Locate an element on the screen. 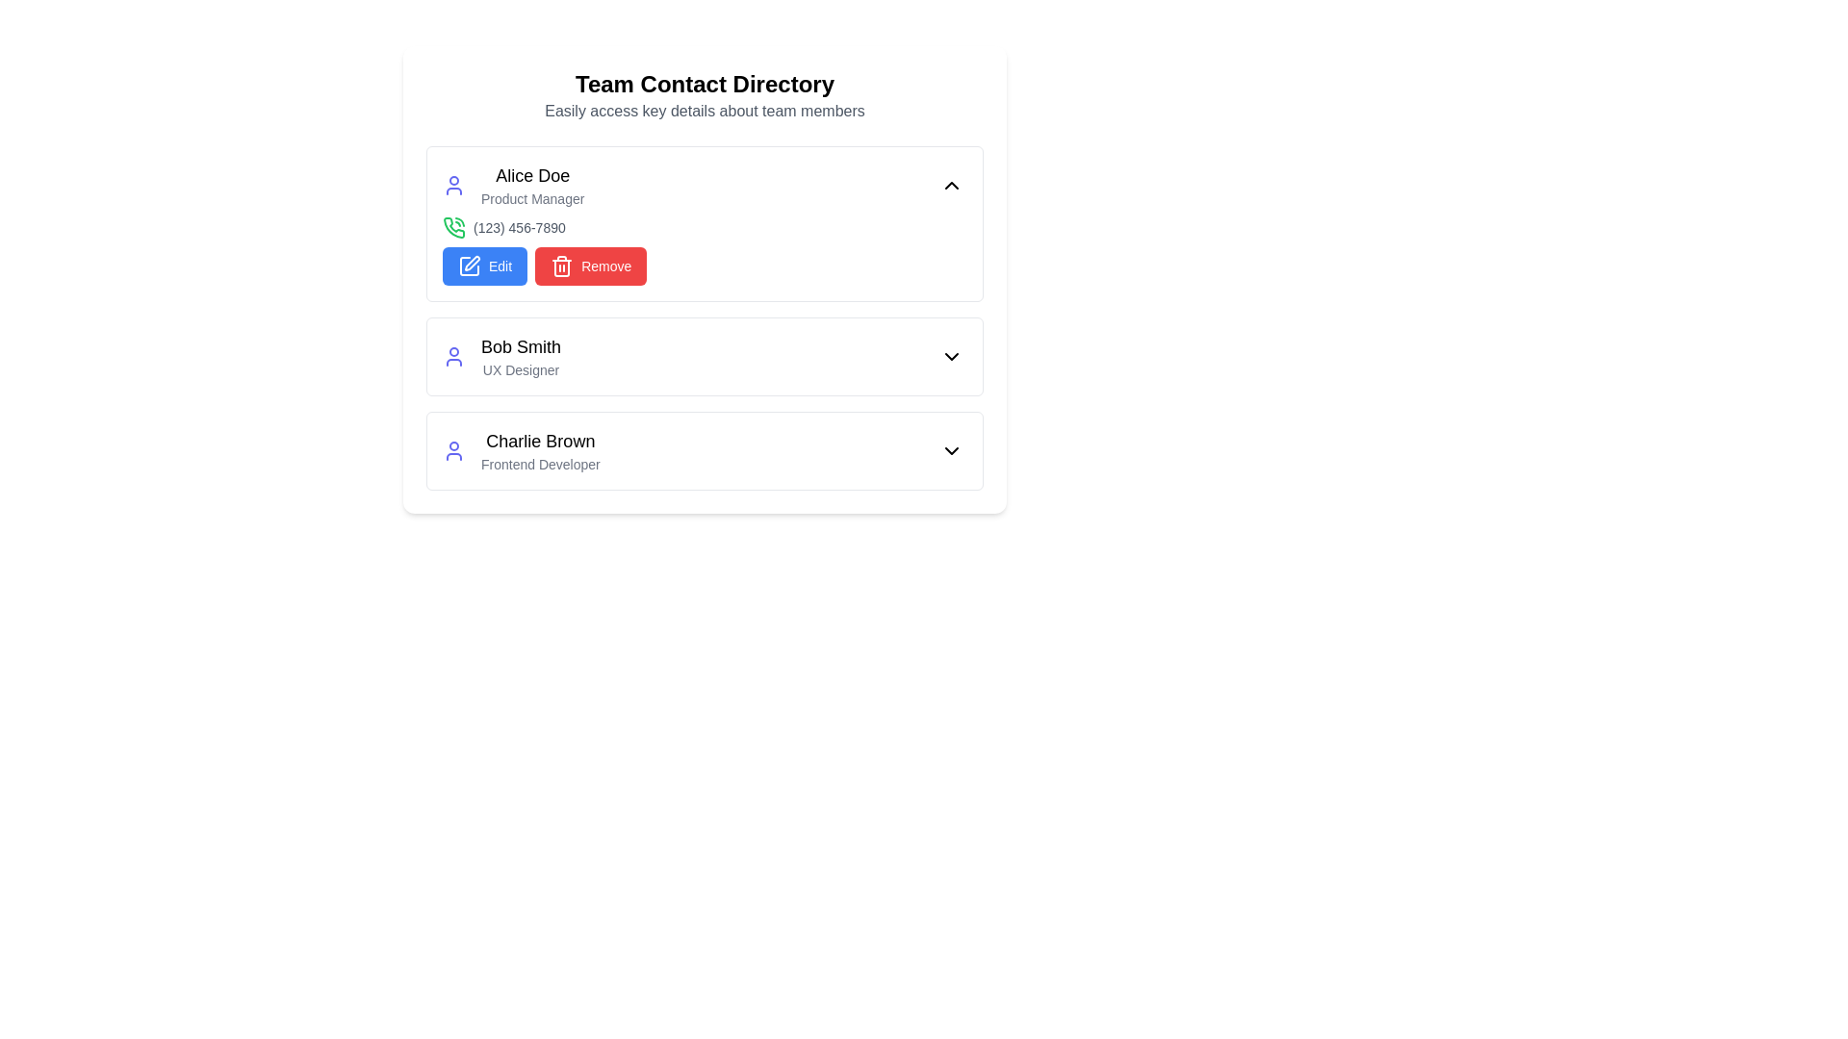 This screenshot has width=1848, height=1039. the static text element stating 'Easily access key details about team members.' which is styled in gray color and located below the title 'Team Contact Directory' is located at coordinates (704, 111).